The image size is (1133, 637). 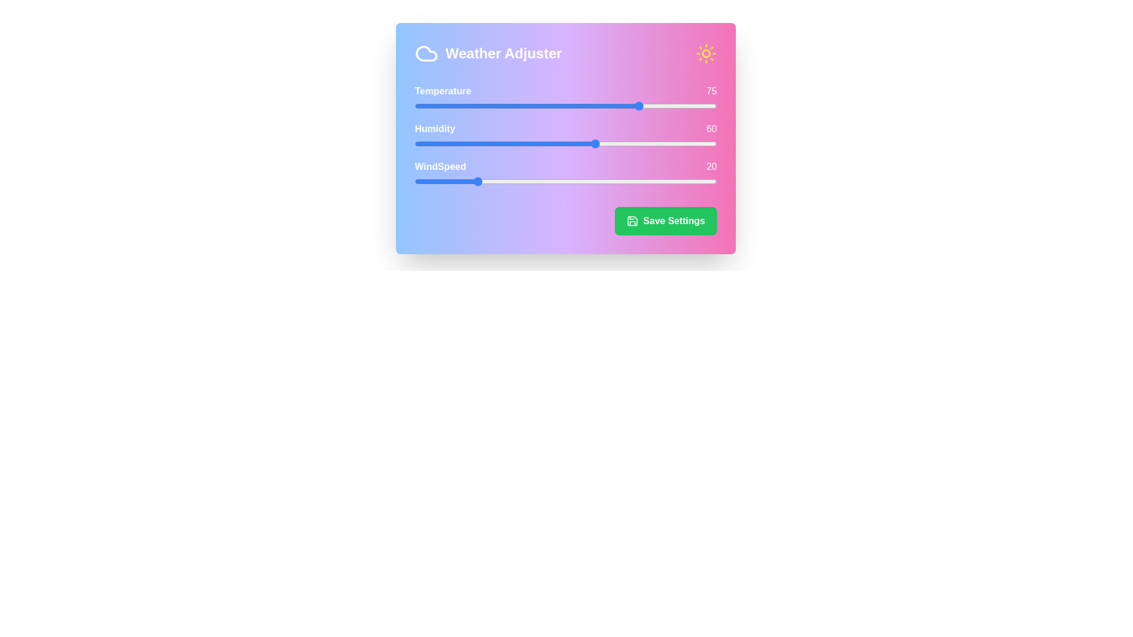 What do you see at coordinates (508, 182) in the screenshot?
I see `the wind speed` at bounding box center [508, 182].